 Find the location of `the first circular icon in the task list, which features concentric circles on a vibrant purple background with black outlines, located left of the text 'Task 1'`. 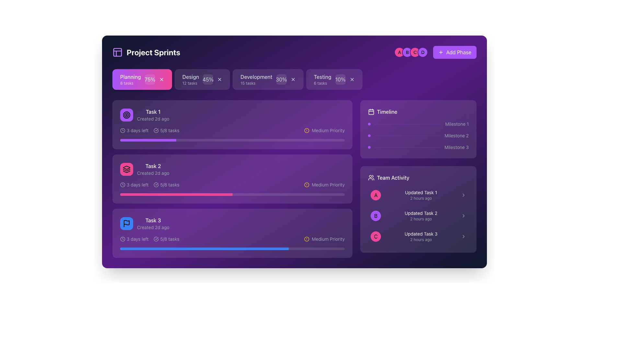

the first circular icon in the task list, which features concentric circles on a vibrant purple background with black outlines, located left of the text 'Task 1' is located at coordinates (126, 114).